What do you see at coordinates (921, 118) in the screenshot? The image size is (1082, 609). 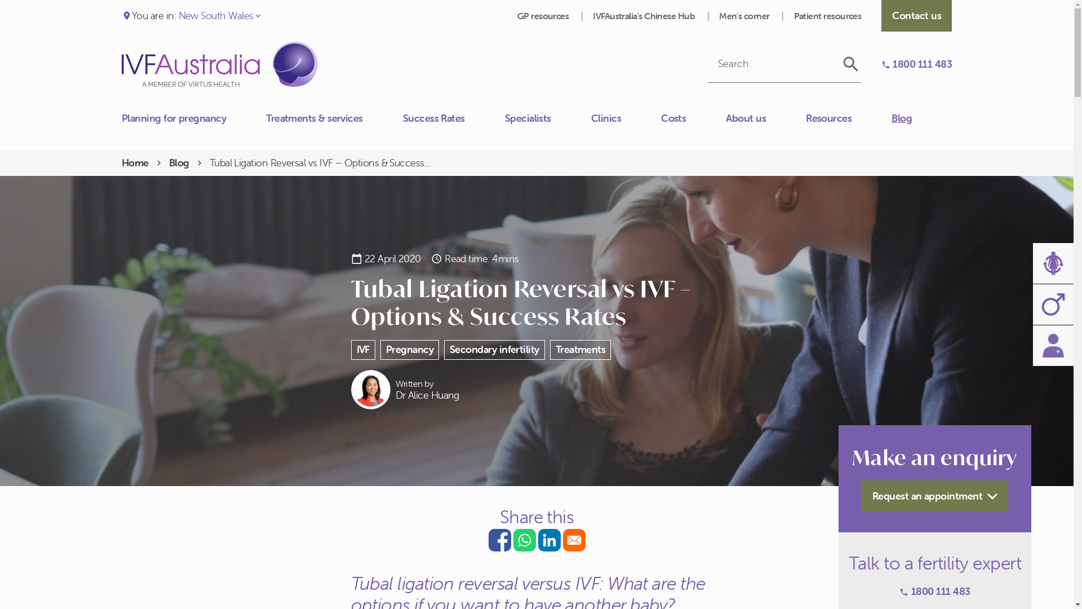 I see `'Blog'` at bounding box center [921, 118].